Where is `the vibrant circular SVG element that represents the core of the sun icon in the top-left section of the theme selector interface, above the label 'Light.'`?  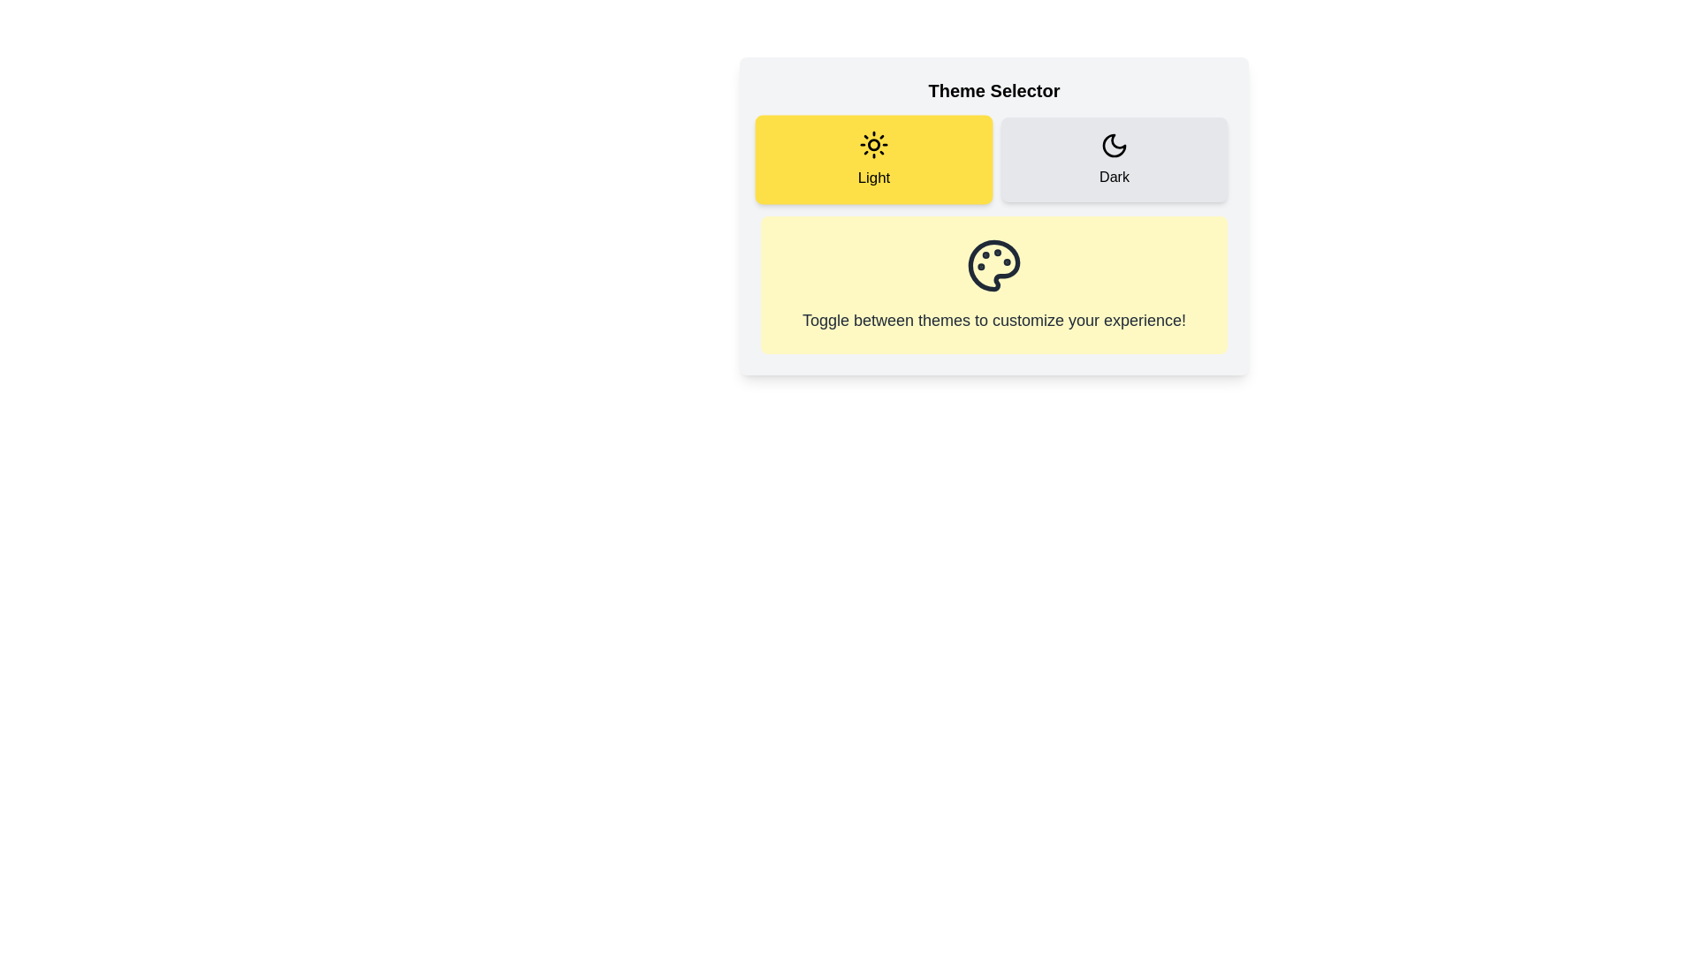
the vibrant circular SVG element that represents the core of the sun icon in the top-left section of the theme selector interface, above the label 'Light.' is located at coordinates (873, 144).